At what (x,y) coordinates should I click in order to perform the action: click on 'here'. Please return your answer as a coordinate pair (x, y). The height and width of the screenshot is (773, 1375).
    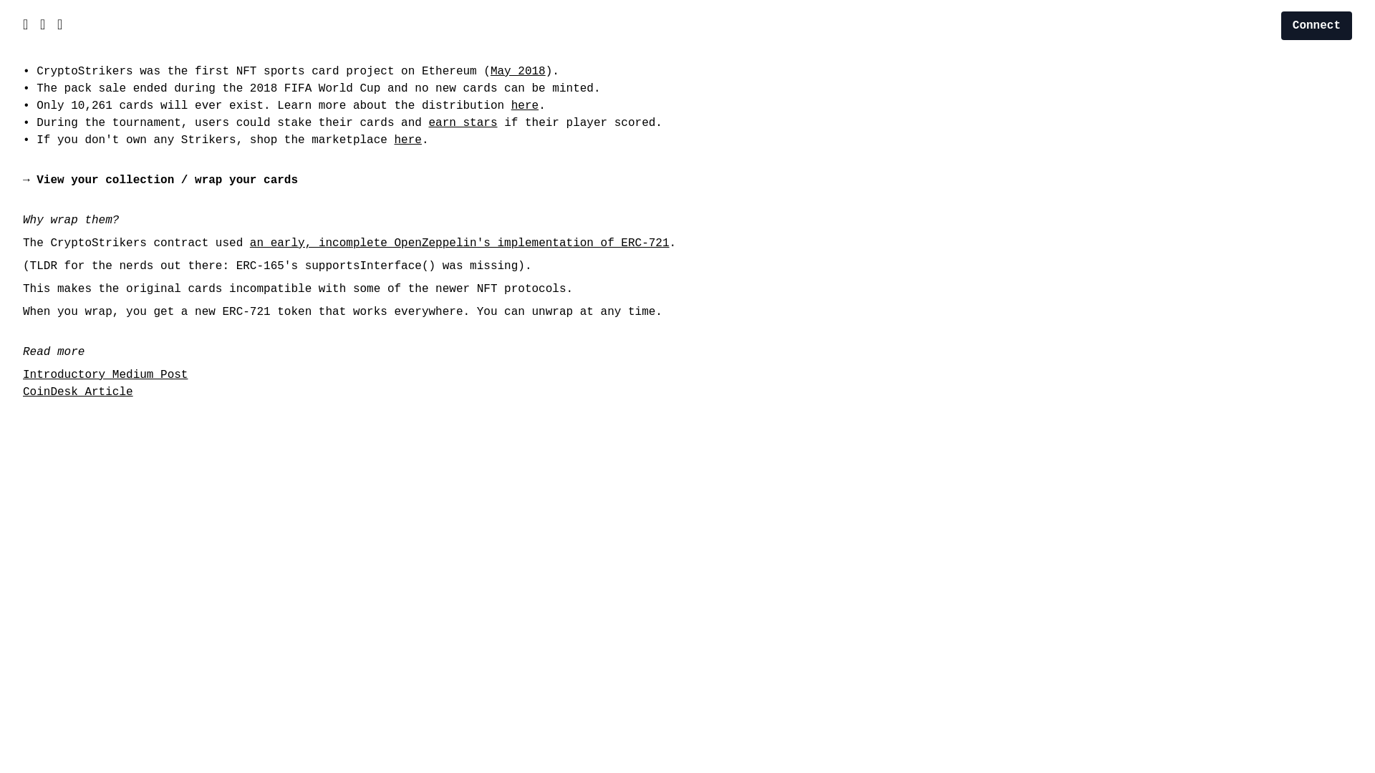
    Looking at the image, I should click on (407, 140).